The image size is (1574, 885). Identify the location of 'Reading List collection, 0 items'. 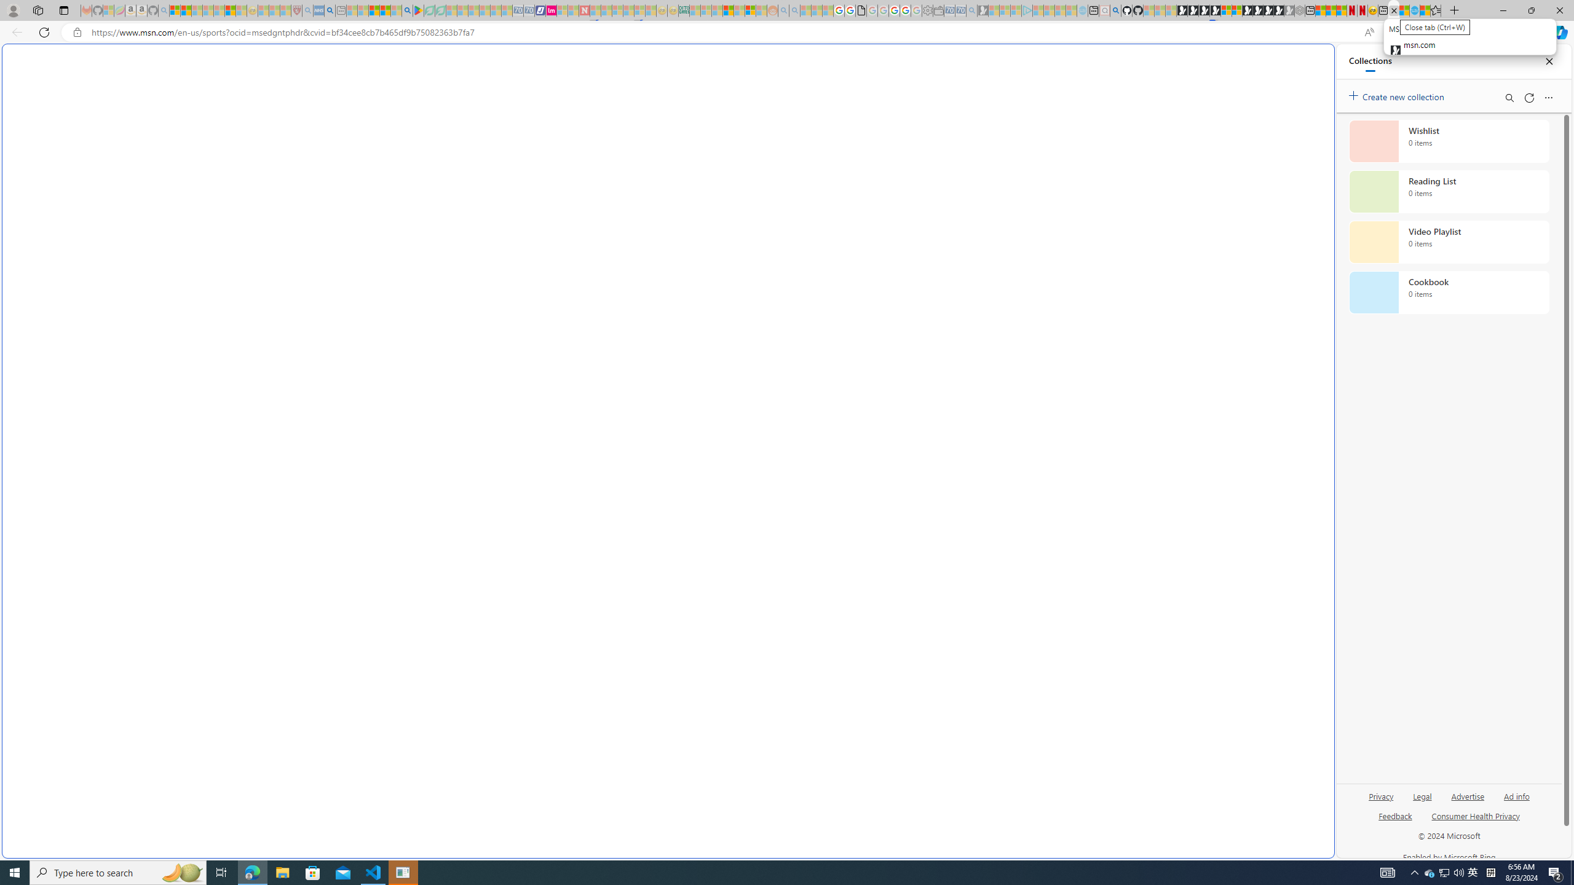
(1449, 191).